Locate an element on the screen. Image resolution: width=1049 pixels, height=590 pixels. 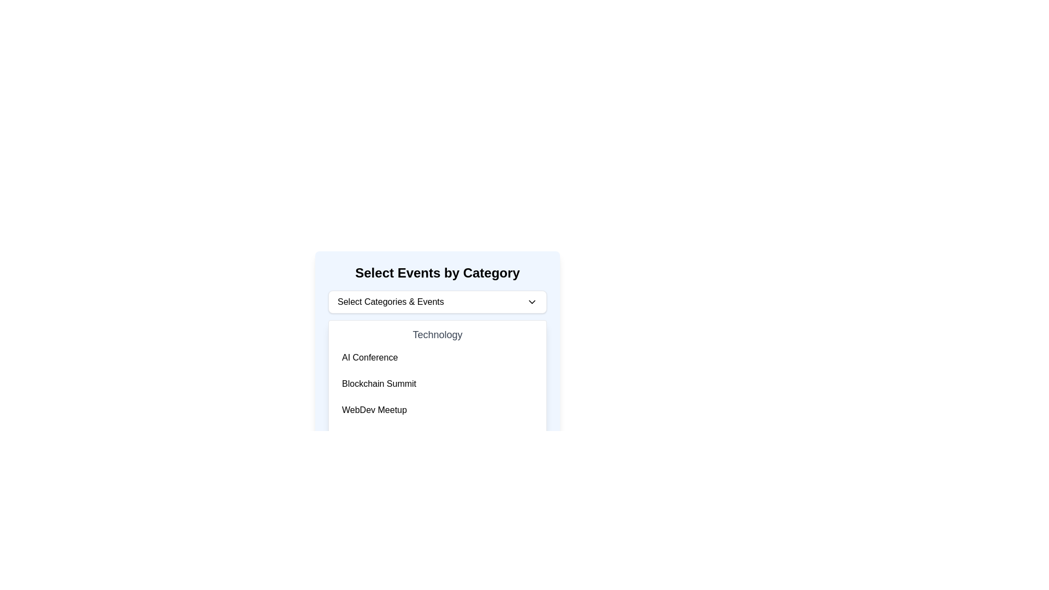
the 'WebDev Meetup' text label in the dropdown list under the 'Technology' category is located at coordinates (374, 410).